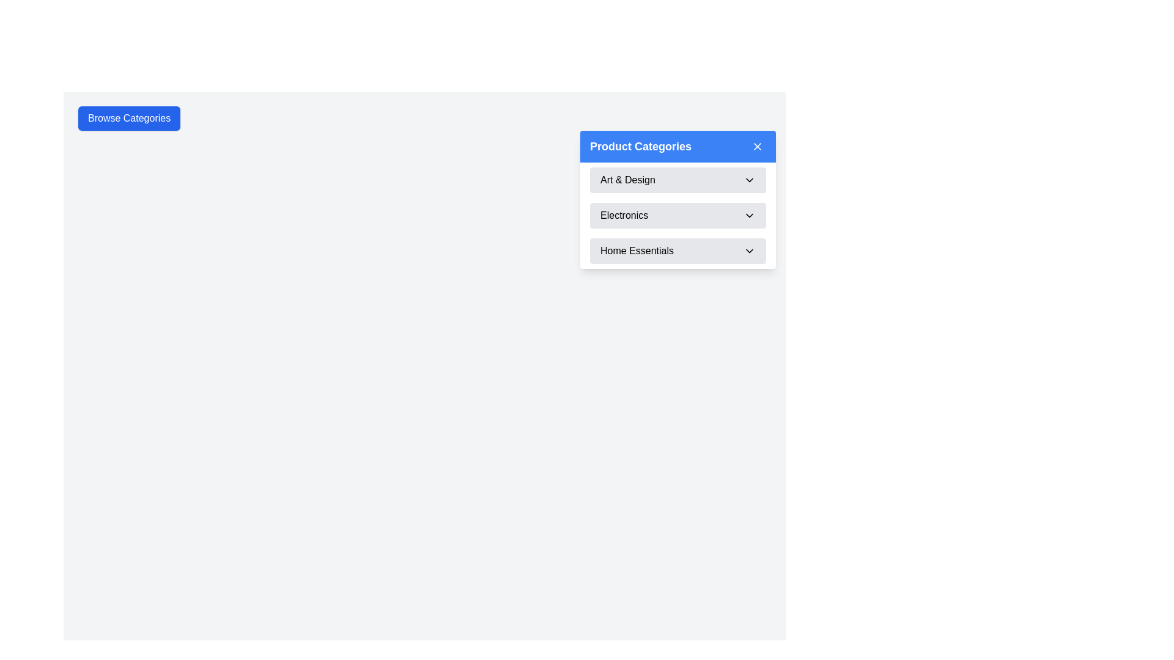  What do you see at coordinates (677, 180) in the screenshot?
I see `the 'Art & Design' dropdown menu item with a light gray background` at bounding box center [677, 180].